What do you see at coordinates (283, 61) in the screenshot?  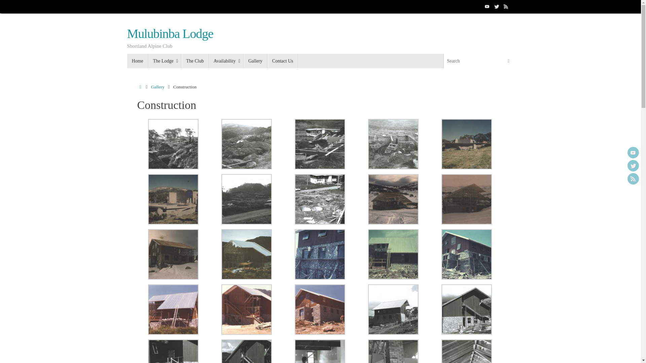 I see `'Contact Us'` at bounding box center [283, 61].